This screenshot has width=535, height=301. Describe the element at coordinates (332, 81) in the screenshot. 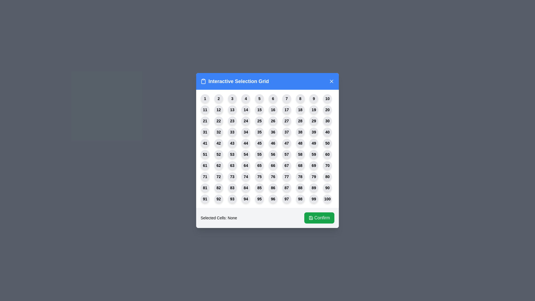

I see `the close button to close the dialog` at that location.